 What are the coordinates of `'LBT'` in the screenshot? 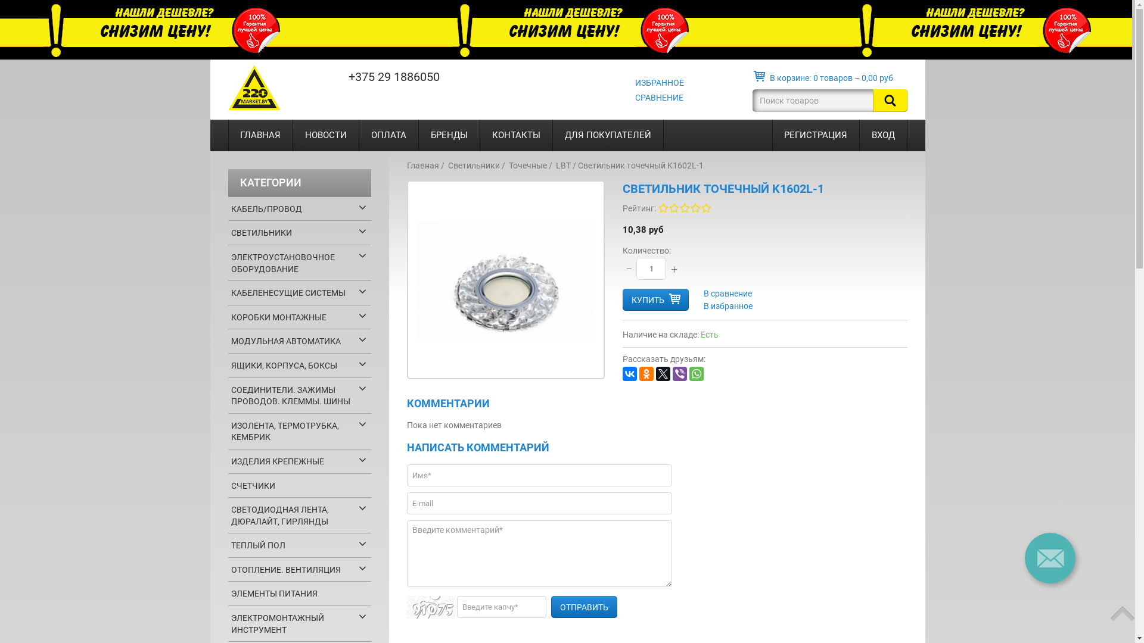 It's located at (562, 165).